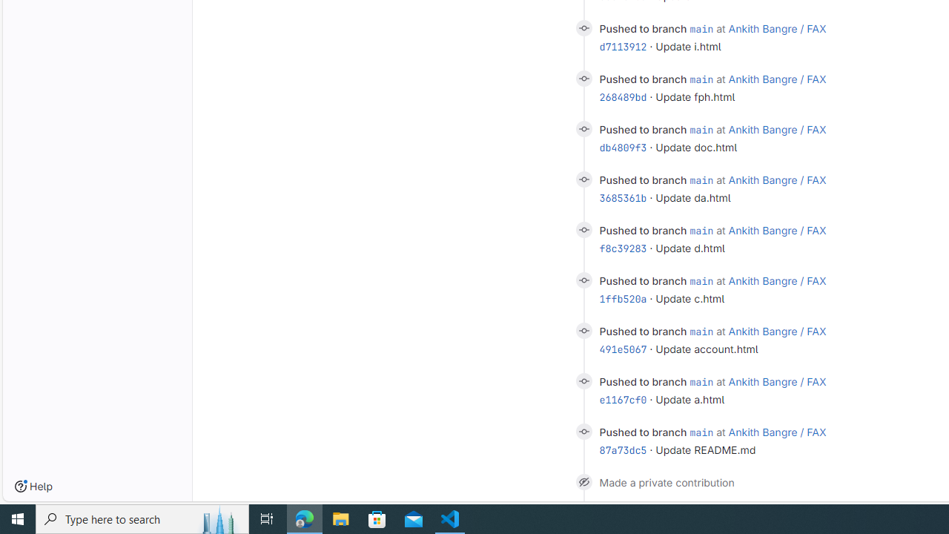 This screenshot has height=534, width=949. What do you see at coordinates (623, 449) in the screenshot?
I see `'87a73dc5'` at bounding box center [623, 449].